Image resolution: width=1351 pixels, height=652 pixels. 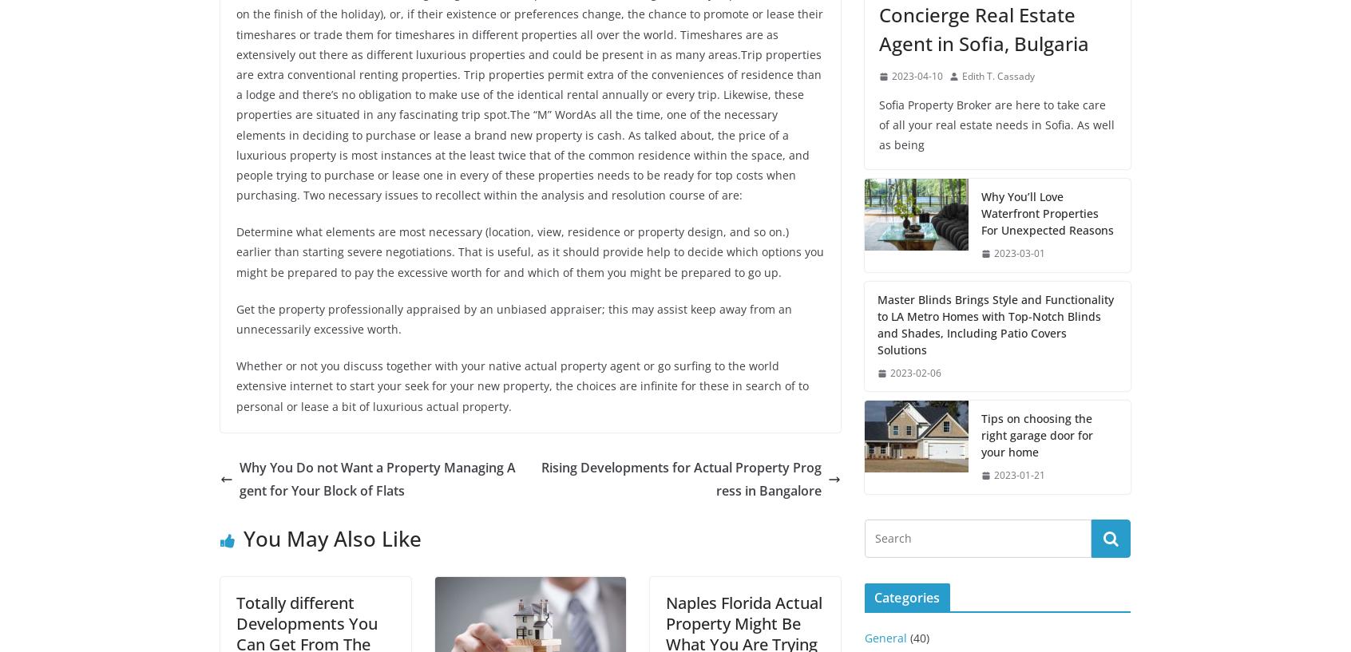 I want to click on '2023-02-06', so click(x=890, y=372).